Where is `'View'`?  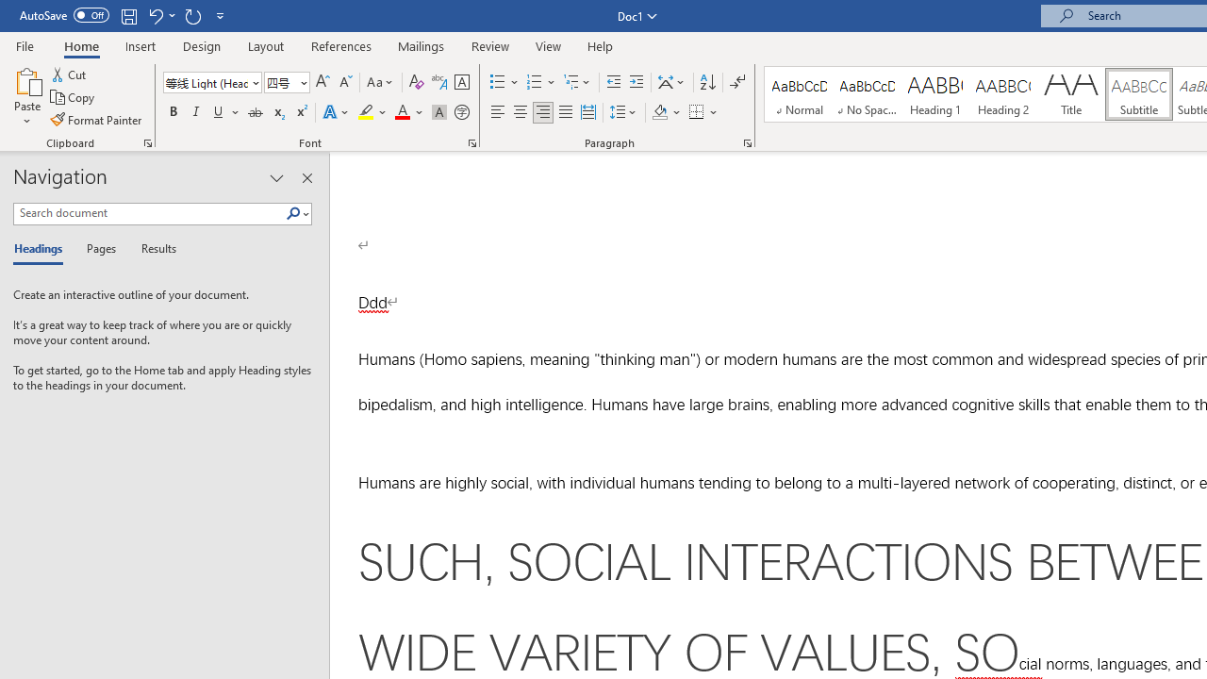 'View' is located at coordinates (548, 45).